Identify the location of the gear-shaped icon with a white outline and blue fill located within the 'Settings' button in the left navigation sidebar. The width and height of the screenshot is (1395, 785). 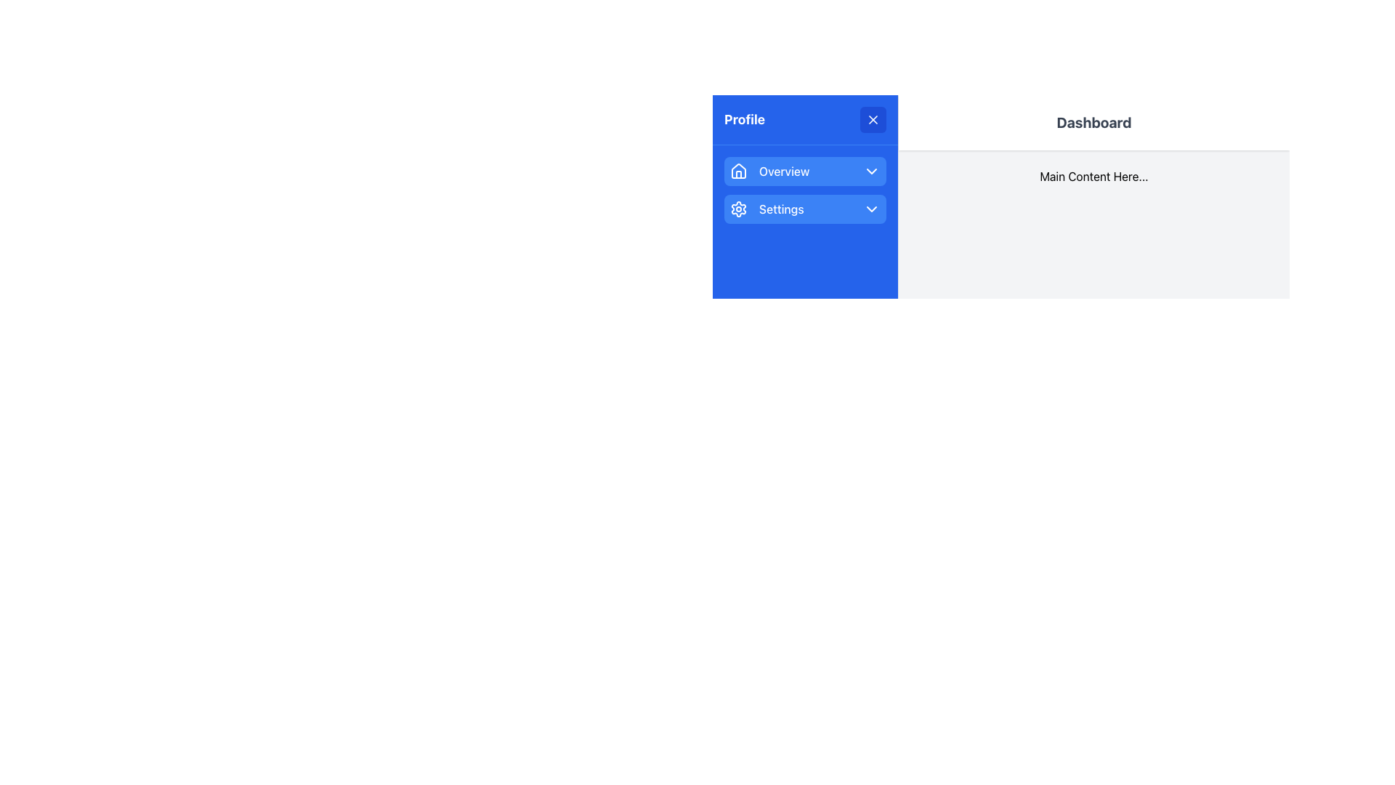
(739, 209).